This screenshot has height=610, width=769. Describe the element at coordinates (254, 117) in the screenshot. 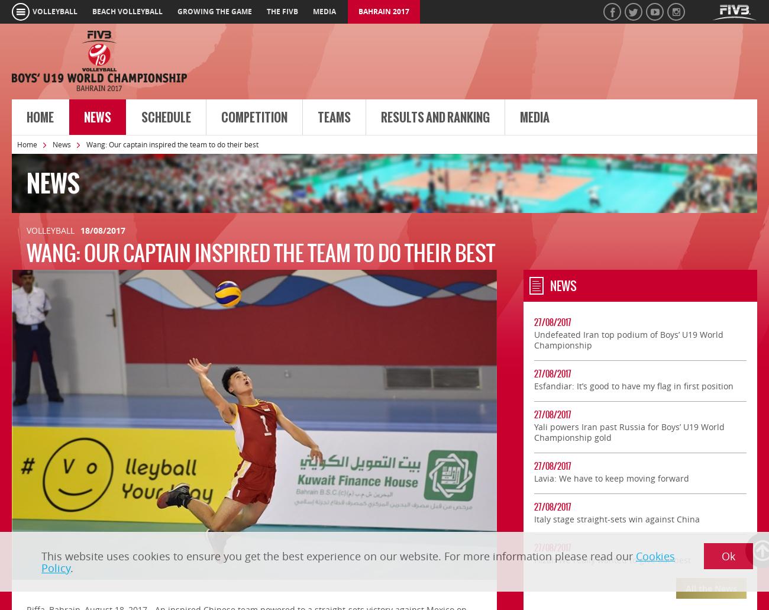

I see `'Competition'` at that location.